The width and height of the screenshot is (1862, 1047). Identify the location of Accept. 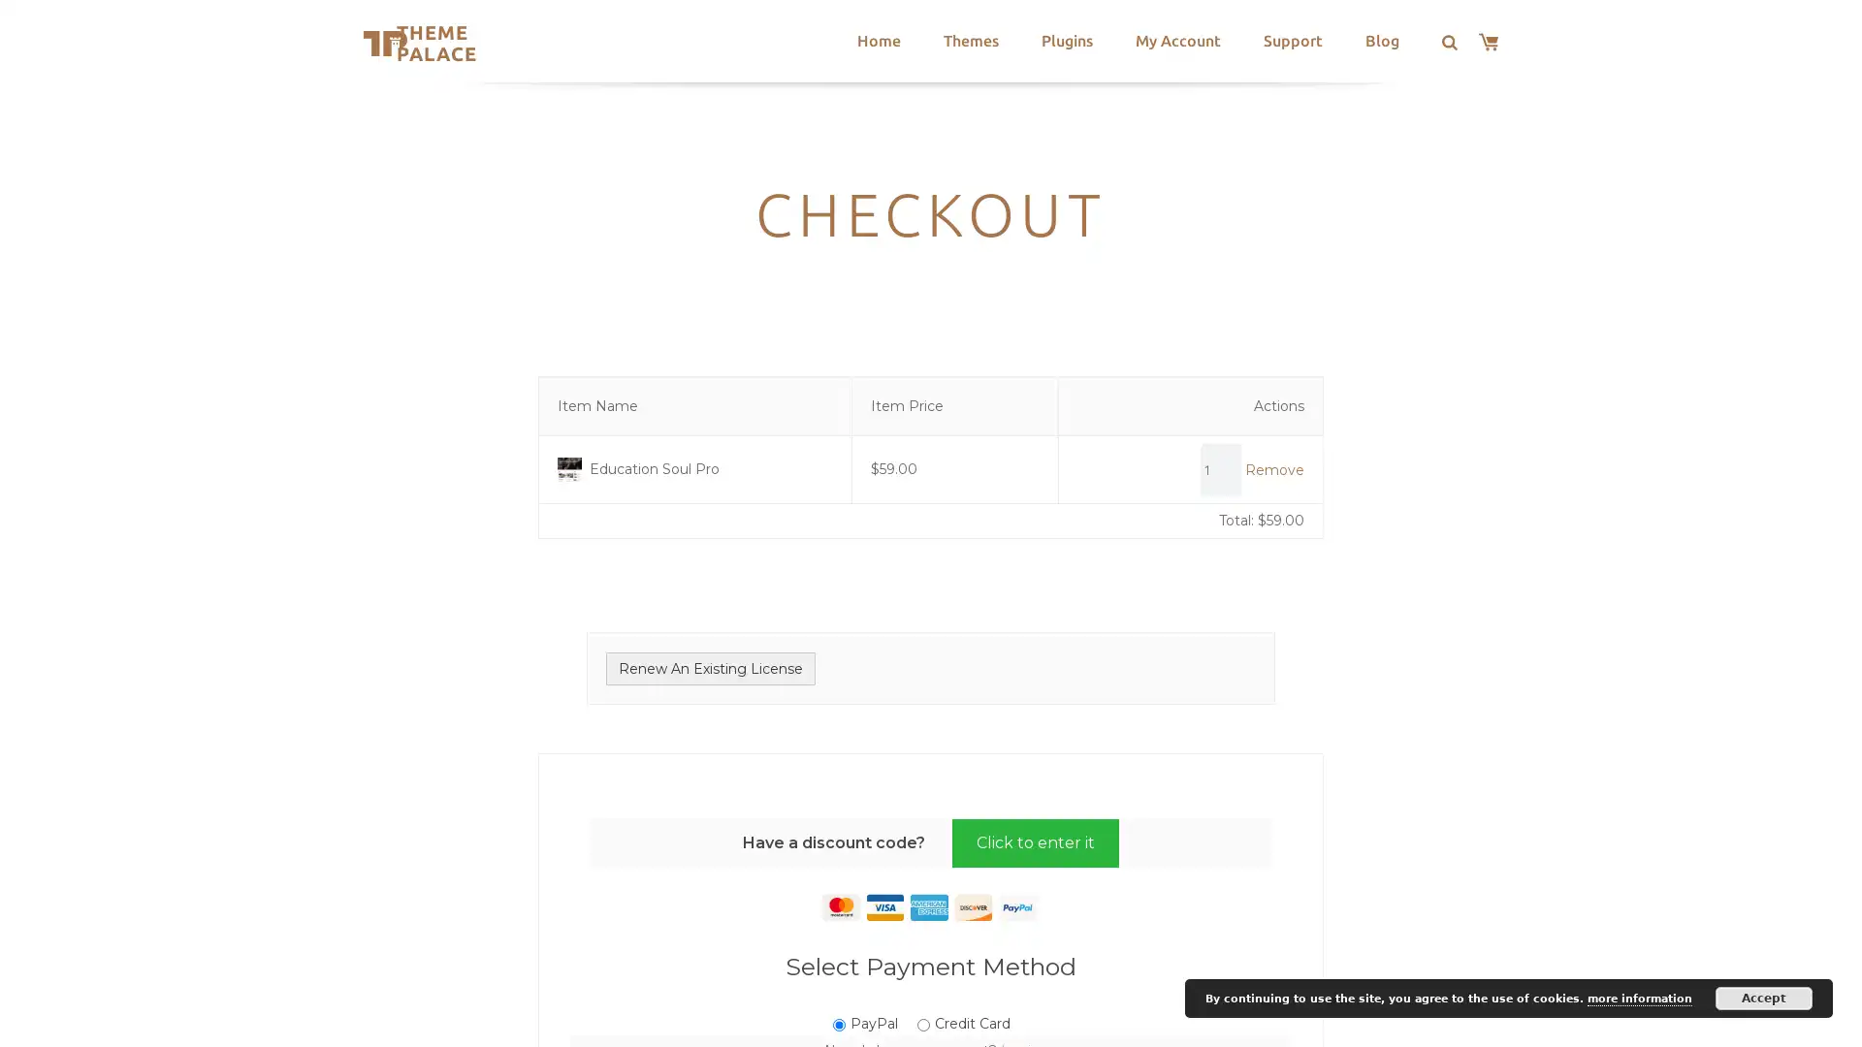
(1764, 998).